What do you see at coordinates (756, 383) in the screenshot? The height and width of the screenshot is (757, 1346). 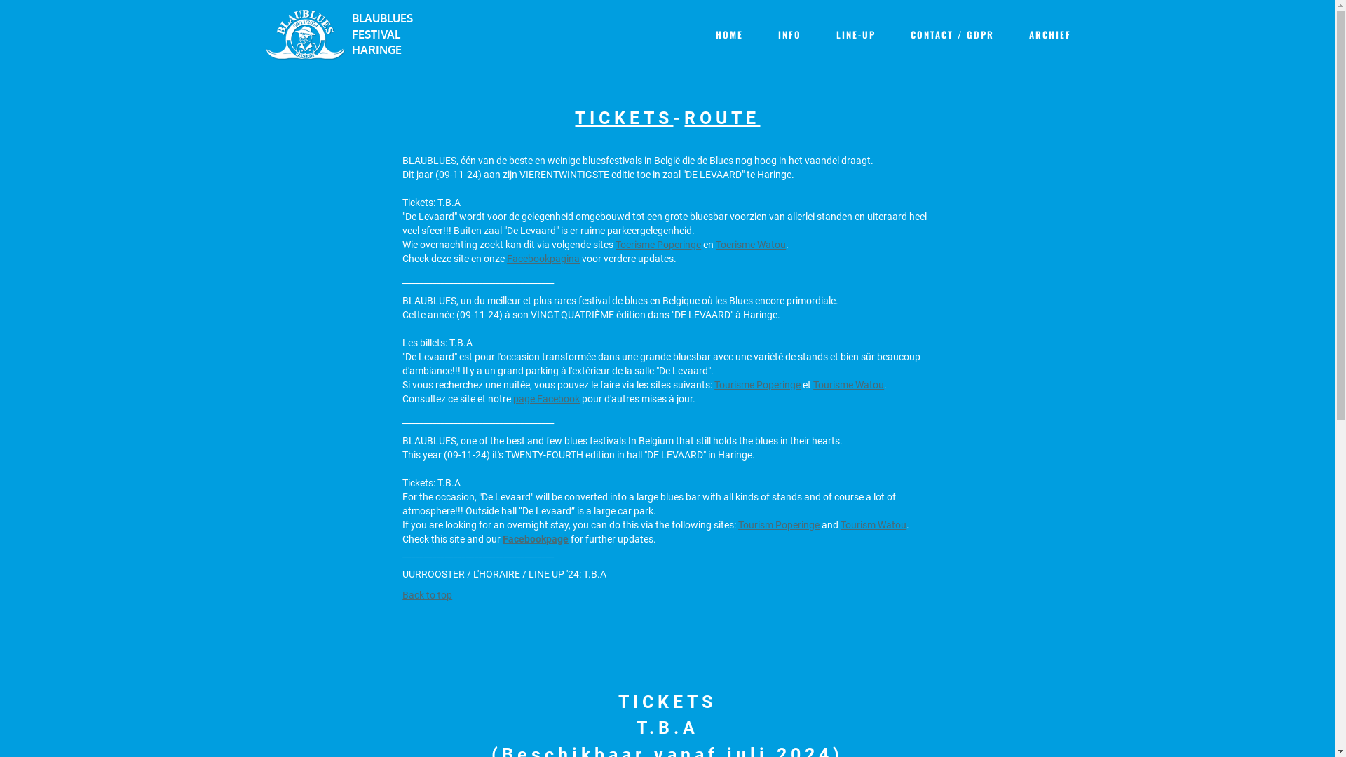 I see `'Tourisme Poperinge'` at bounding box center [756, 383].